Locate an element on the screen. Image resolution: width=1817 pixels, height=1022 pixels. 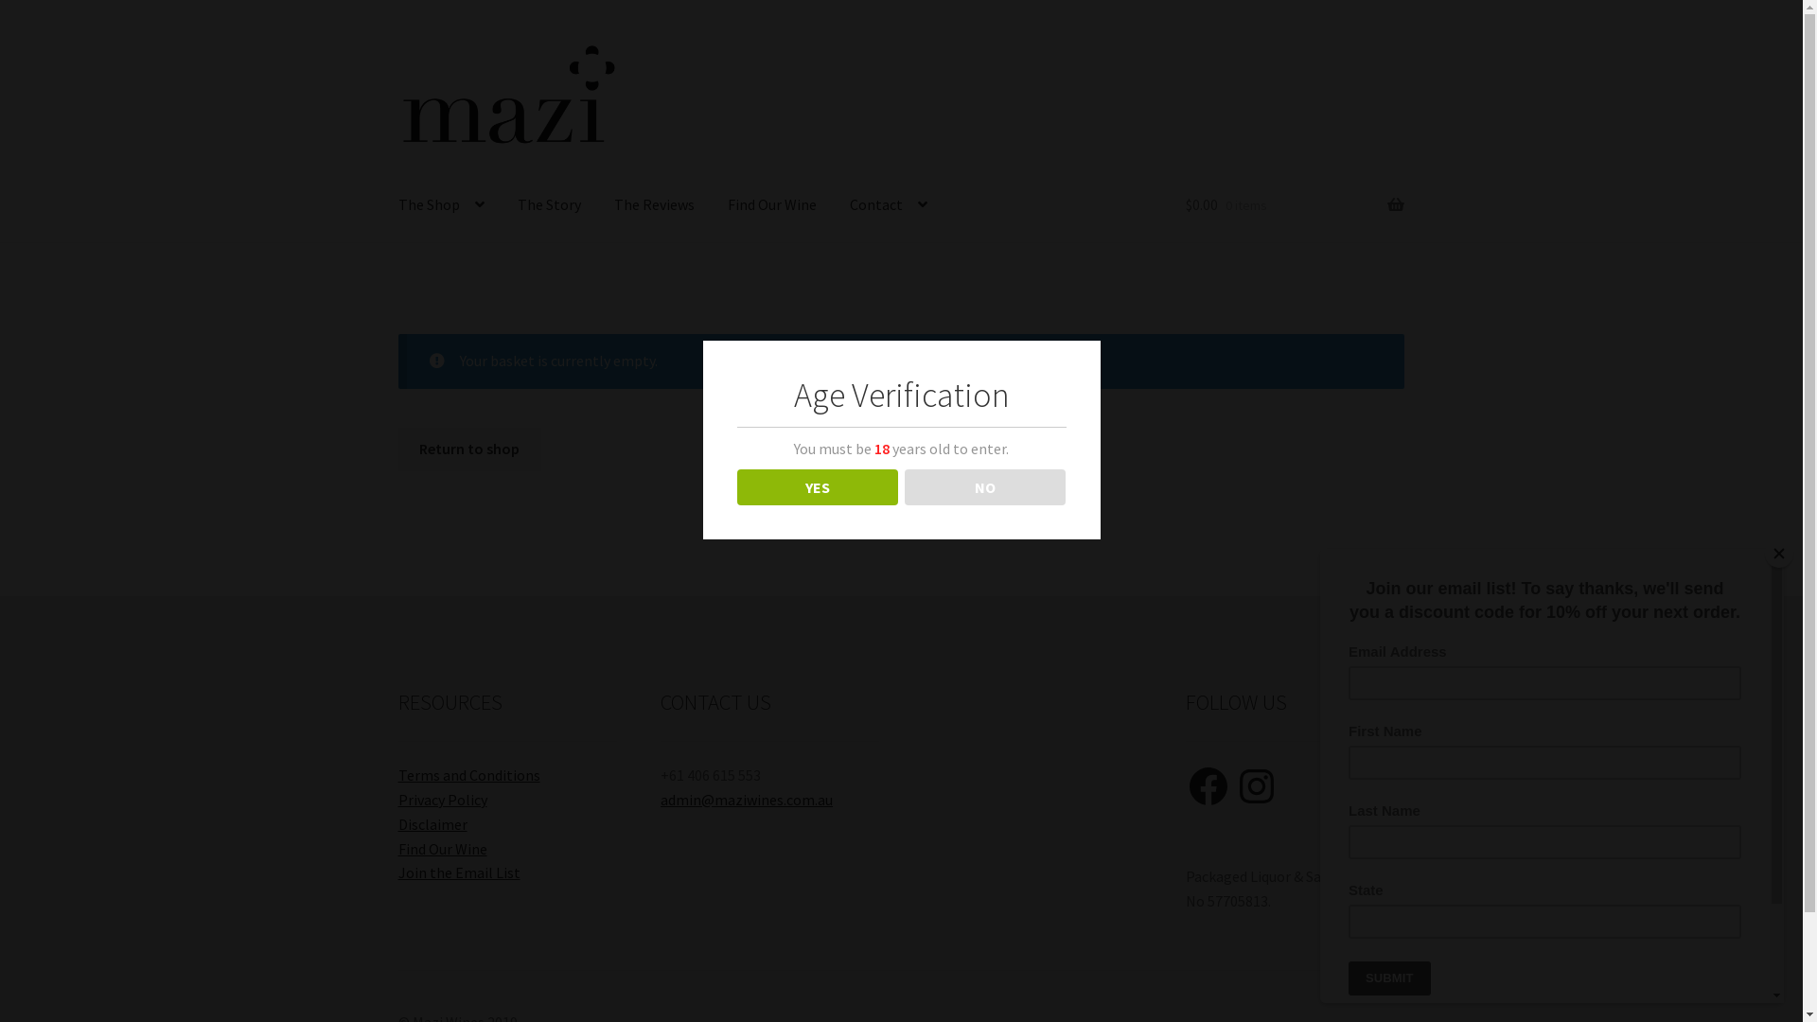
'The Reviews' is located at coordinates (654, 204).